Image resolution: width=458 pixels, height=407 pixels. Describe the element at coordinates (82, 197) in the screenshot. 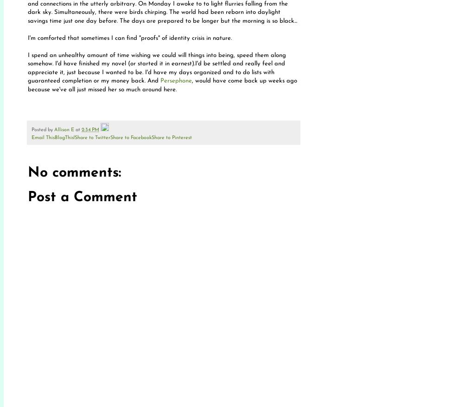

I see `'Post a Comment'` at that location.